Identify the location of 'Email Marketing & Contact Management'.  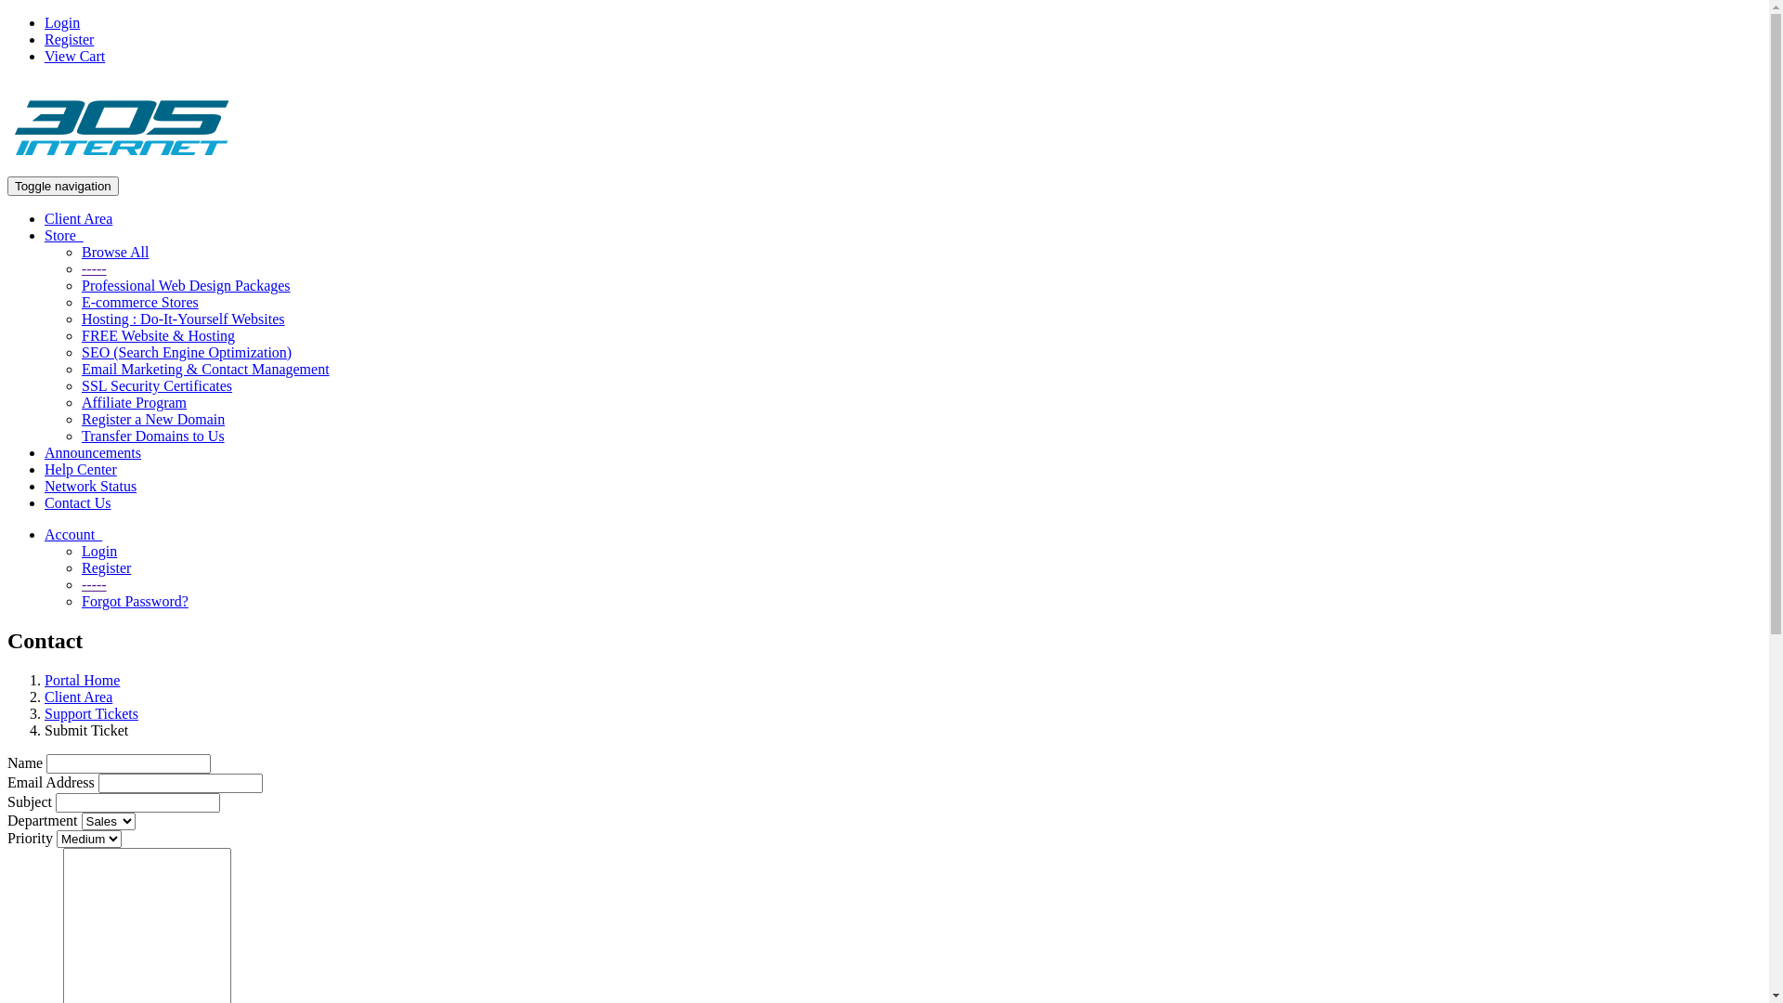
(205, 369).